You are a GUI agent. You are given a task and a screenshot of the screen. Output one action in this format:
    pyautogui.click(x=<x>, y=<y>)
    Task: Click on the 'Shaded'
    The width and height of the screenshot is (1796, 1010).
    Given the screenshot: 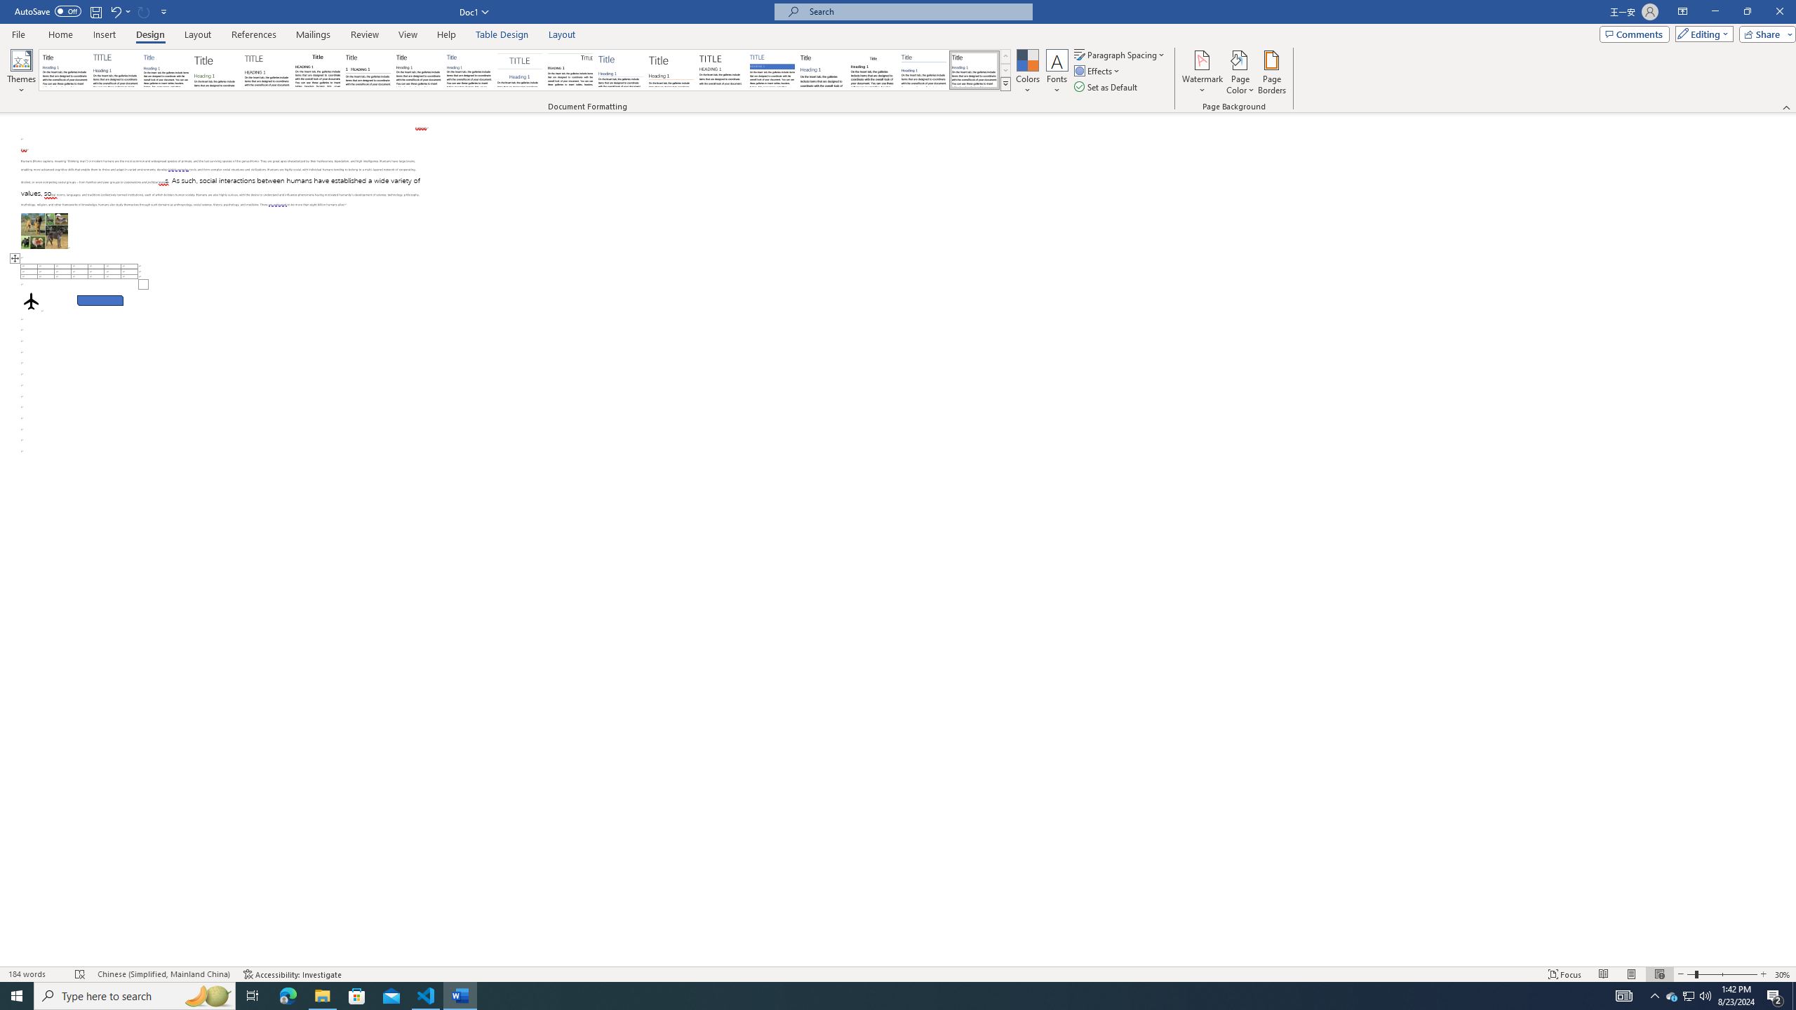 What is the action you would take?
    pyautogui.click(x=772, y=69)
    